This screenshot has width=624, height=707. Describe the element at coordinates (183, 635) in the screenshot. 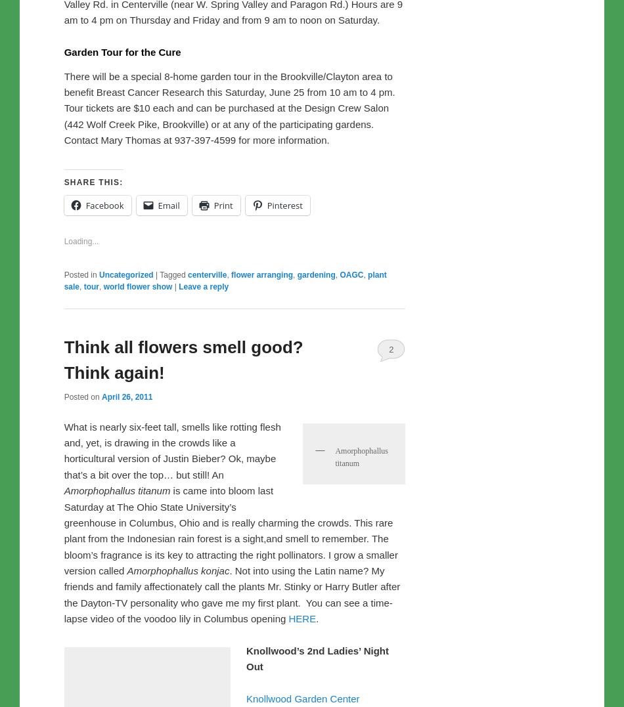

I see `'Think all flowers smell good? Think again!'` at that location.